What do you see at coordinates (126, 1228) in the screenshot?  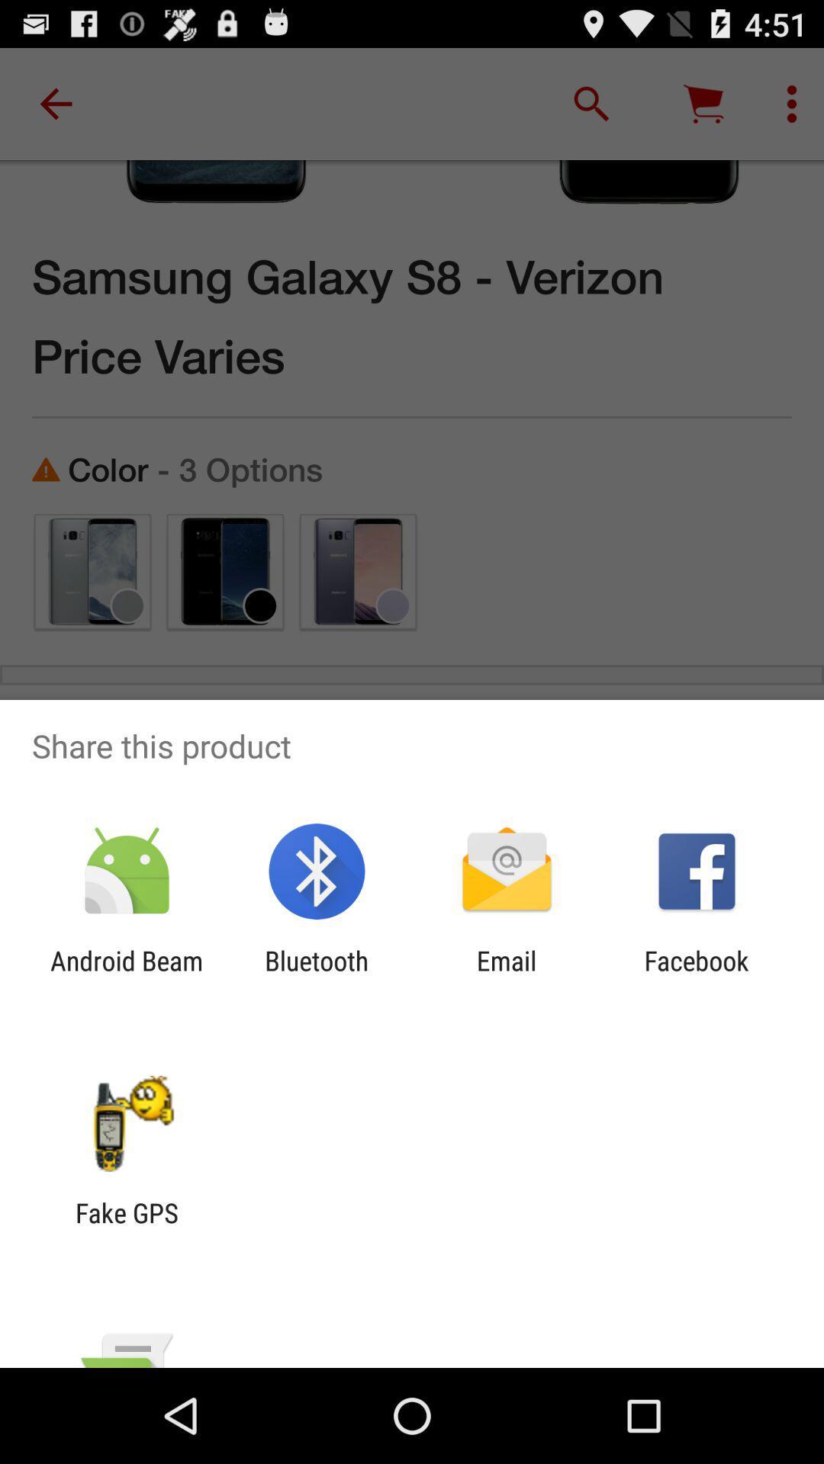 I see `fake gps item` at bounding box center [126, 1228].